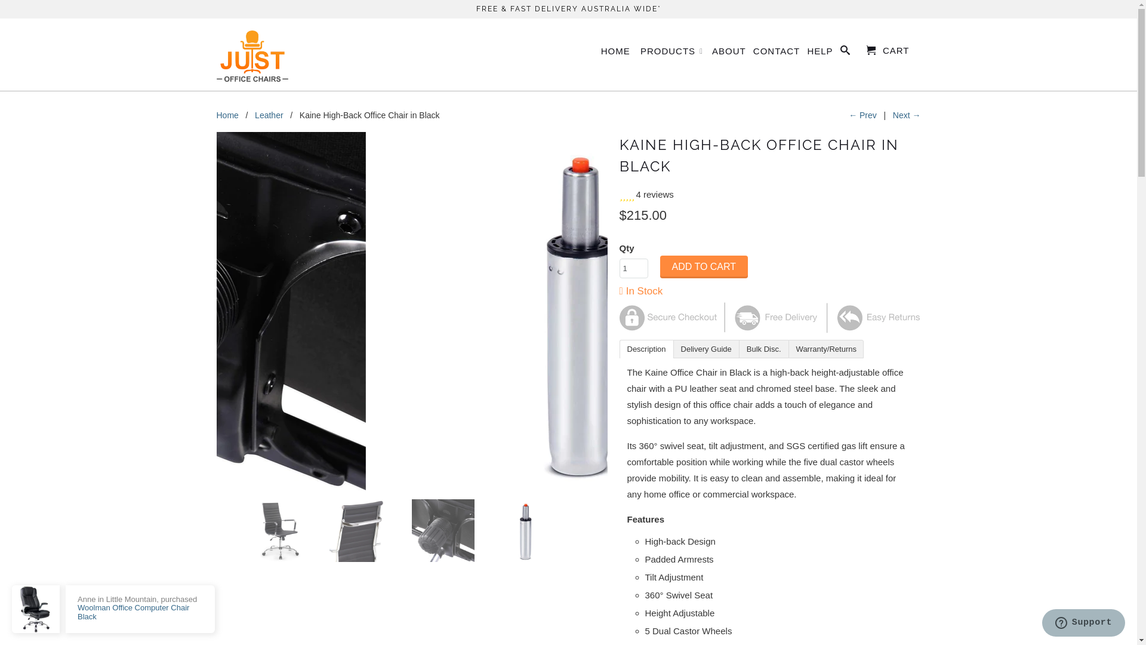 This screenshot has width=1146, height=645. I want to click on 'ADD TO CART', so click(704, 266).